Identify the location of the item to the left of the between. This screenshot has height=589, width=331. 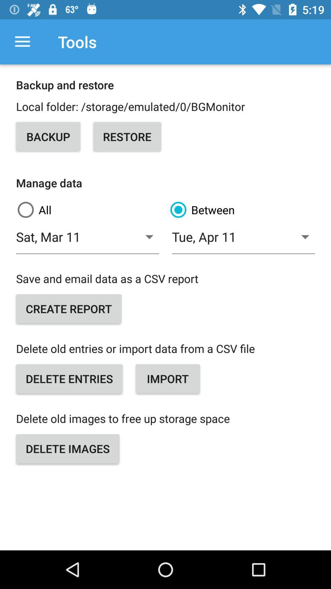
(89, 210).